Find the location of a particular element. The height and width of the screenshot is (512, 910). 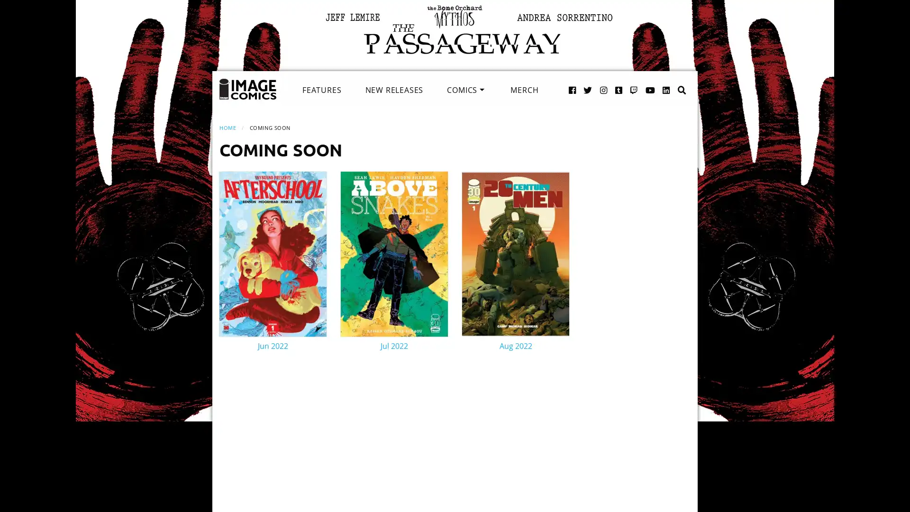

Search is located at coordinates (672, 80).